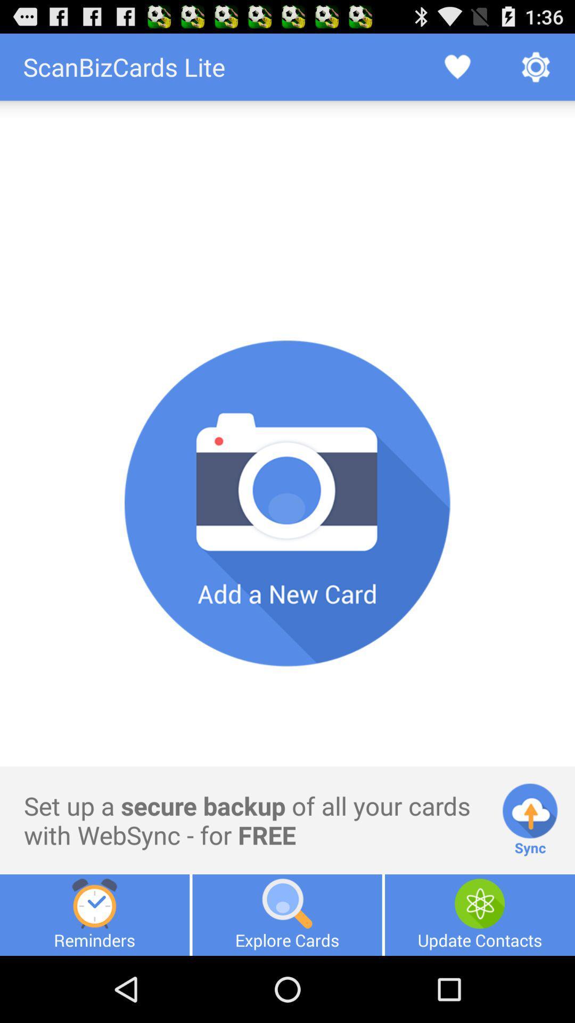  Describe the element at coordinates (94, 914) in the screenshot. I see `item next to the explore cards item` at that location.